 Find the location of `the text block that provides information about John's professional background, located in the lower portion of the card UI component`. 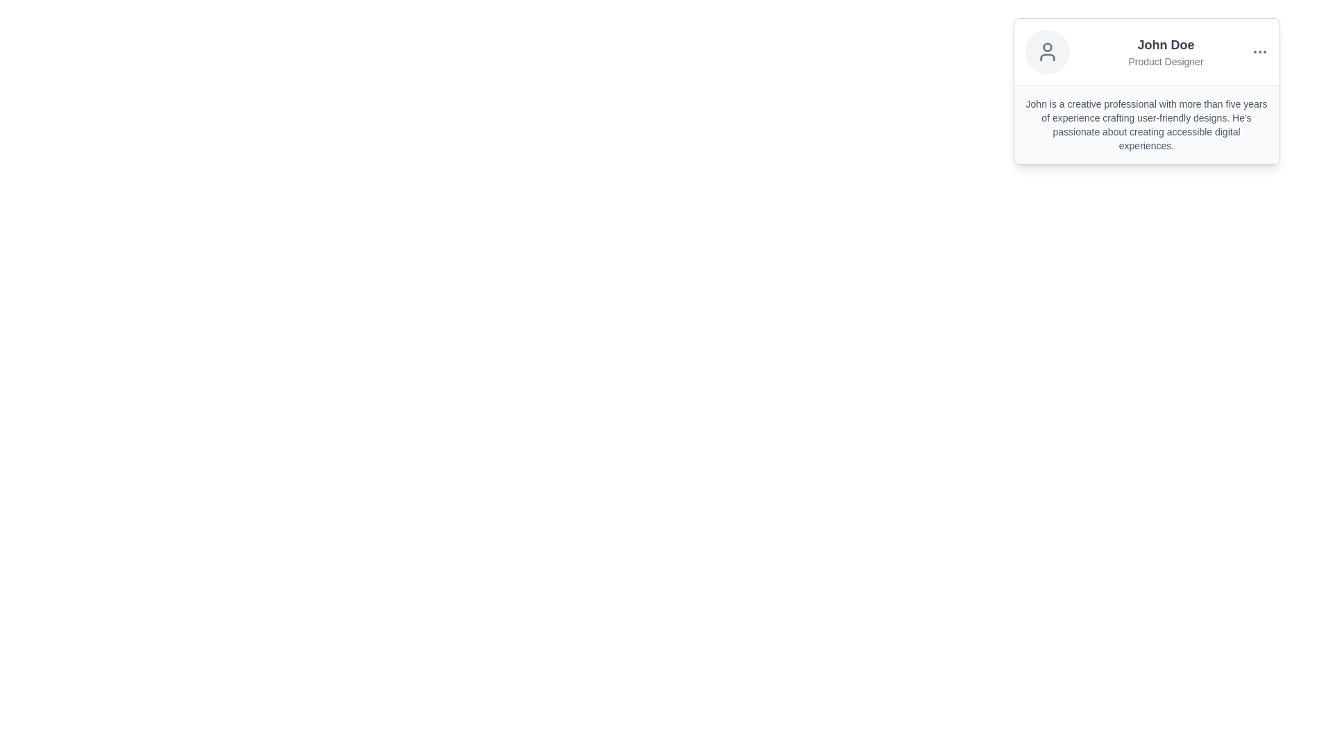

the text block that provides information about John's professional background, located in the lower portion of the card UI component is located at coordinates (1146, 124).